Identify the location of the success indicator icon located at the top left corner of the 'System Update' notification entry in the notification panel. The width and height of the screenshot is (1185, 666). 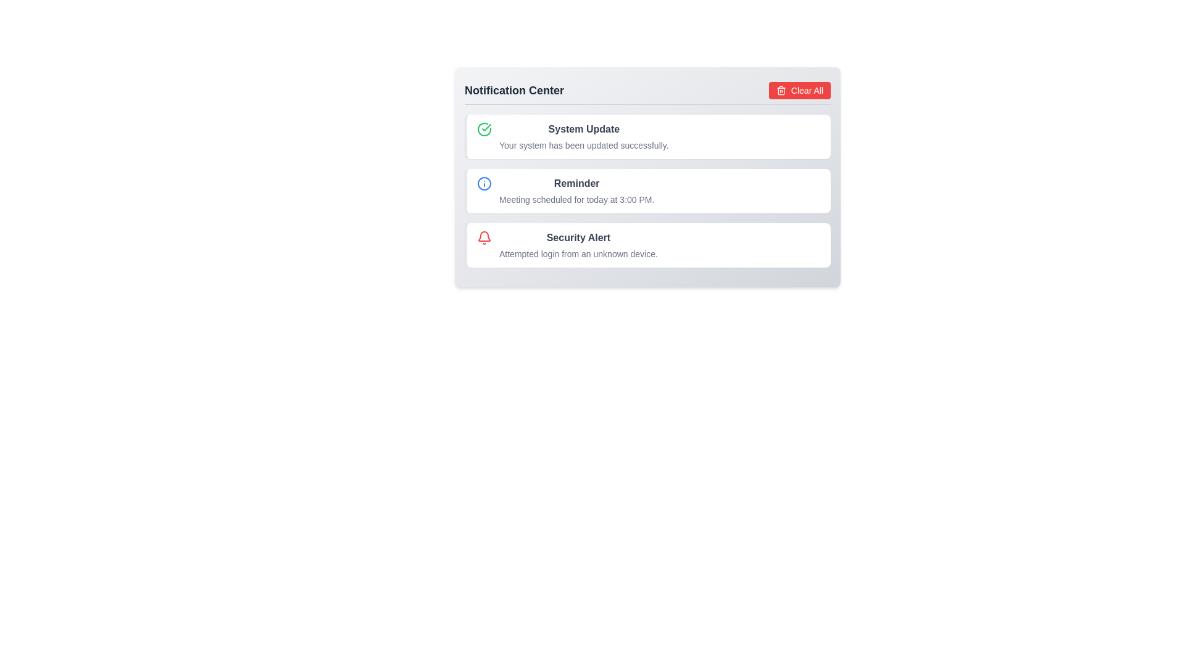
(484, 129).